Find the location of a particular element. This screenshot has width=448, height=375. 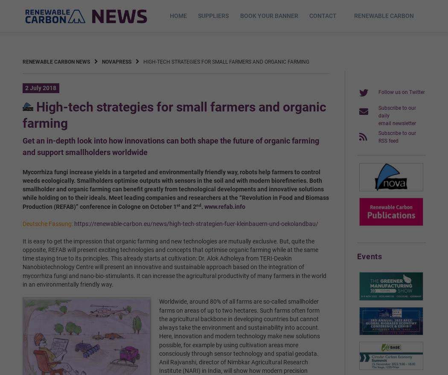

'RSS feed' is located at coordinates (377, 140).